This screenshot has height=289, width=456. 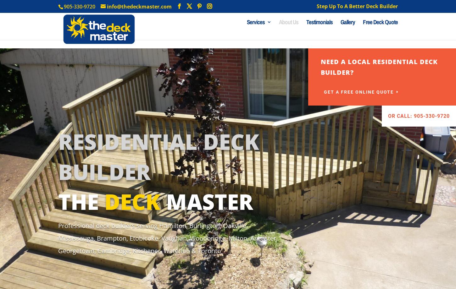 I want to click on 'Testimonials', so click(x=320, y=30).